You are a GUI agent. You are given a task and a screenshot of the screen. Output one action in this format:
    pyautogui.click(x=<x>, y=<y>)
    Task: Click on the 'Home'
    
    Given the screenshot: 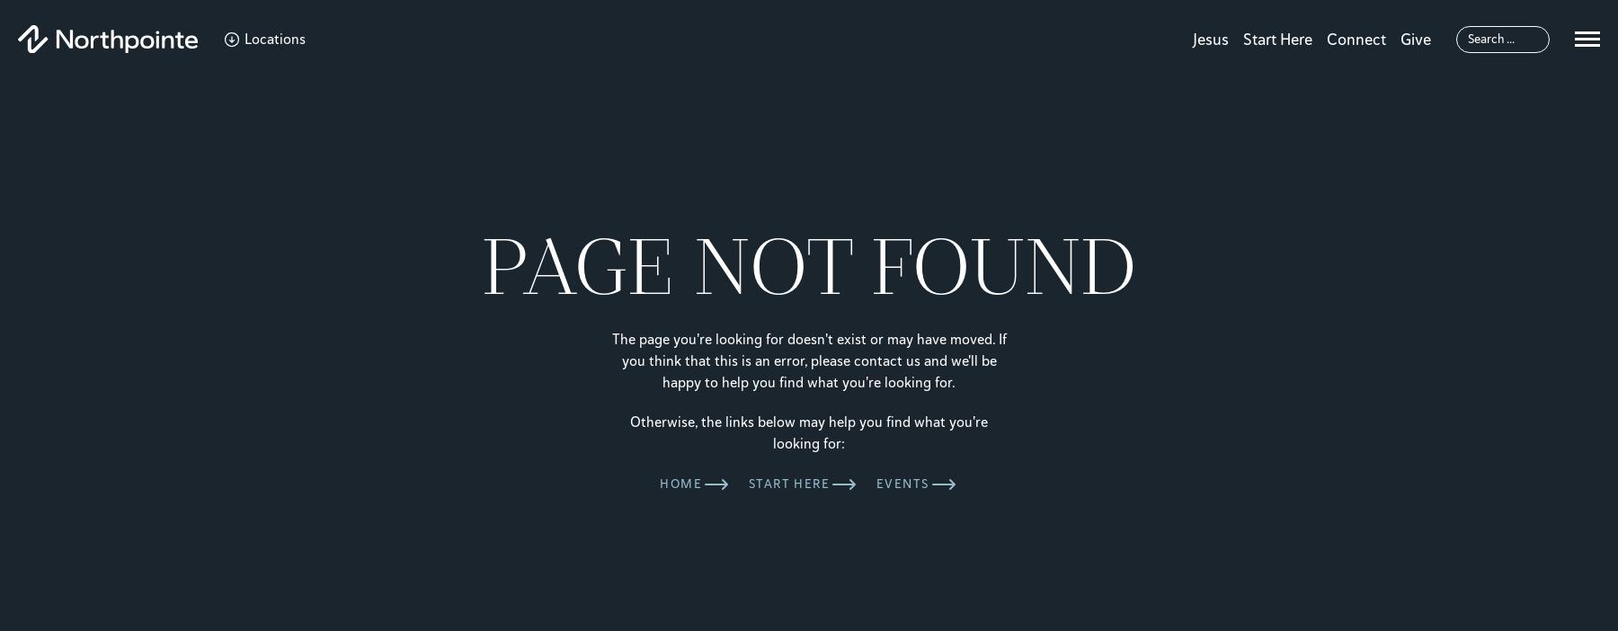 What is the action you would take?
    pyautogui.click(x=680, y=484)
    